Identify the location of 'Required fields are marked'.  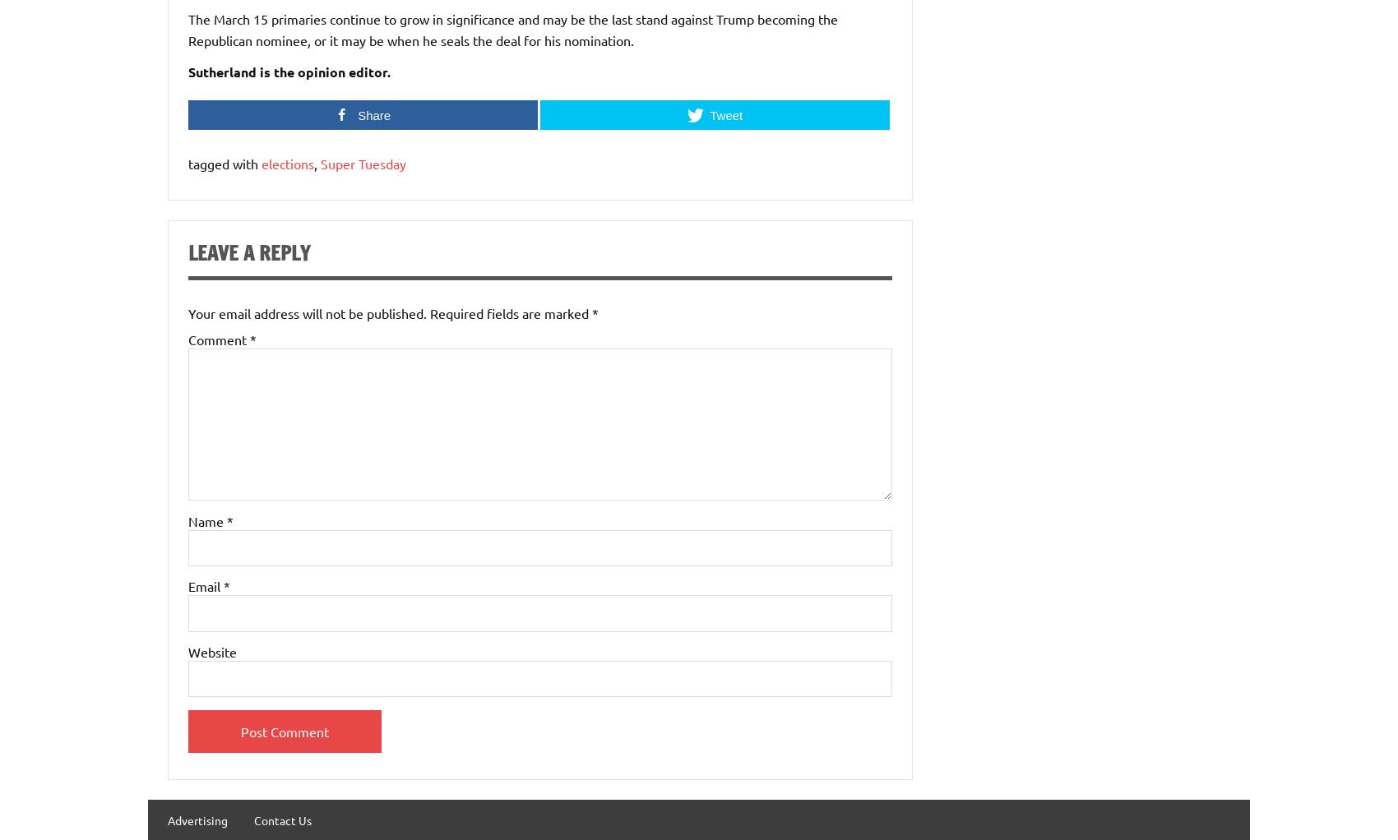
(510, 312).